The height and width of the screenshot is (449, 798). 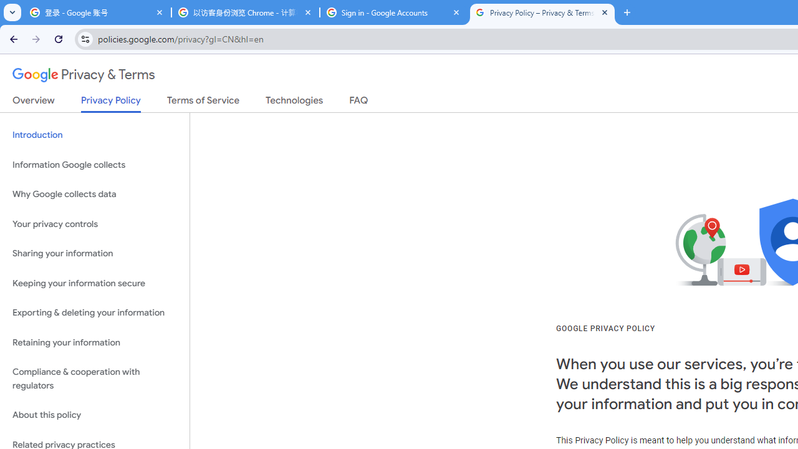 What do you see at coordinates (110, 103) in the screenshot?
I see `'Privacy Policy'` at bounding box center [110, 103].